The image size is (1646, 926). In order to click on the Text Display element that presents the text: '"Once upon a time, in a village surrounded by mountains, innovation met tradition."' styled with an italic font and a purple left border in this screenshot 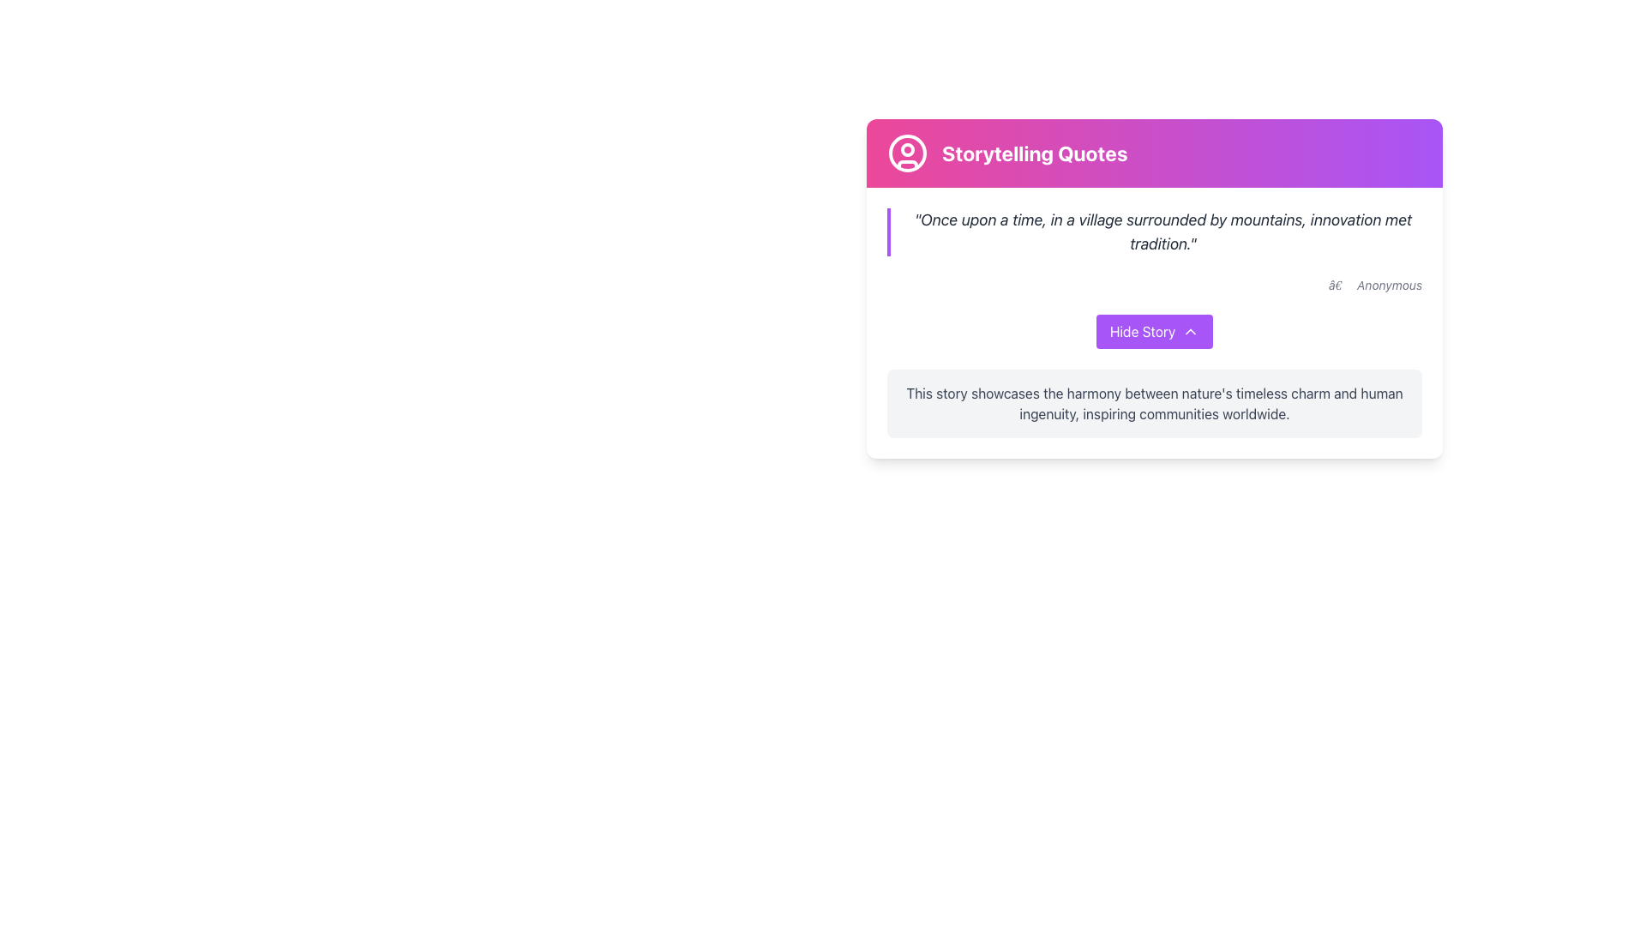, I will do `click(1155, 231)`.